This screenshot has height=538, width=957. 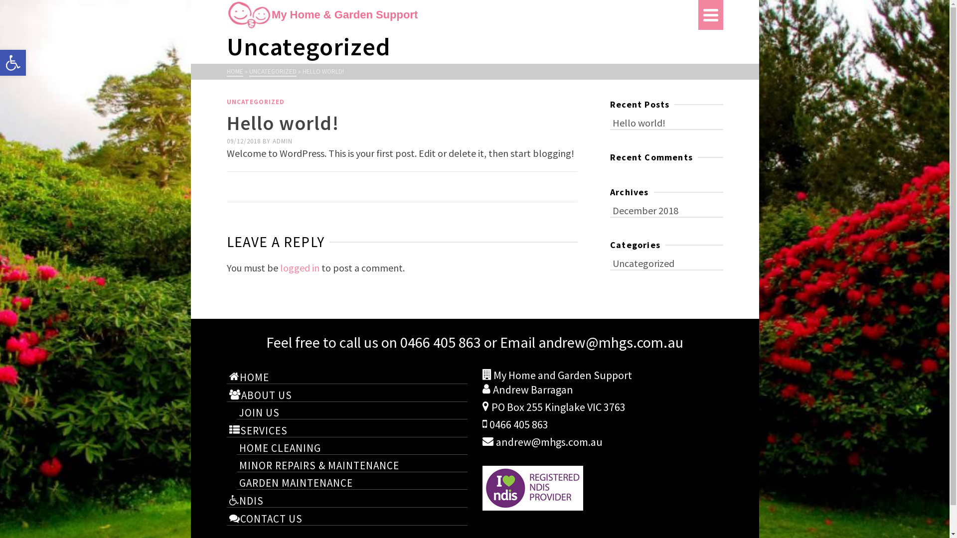 I want to click on 'logged in', so click(x=299, y=267).